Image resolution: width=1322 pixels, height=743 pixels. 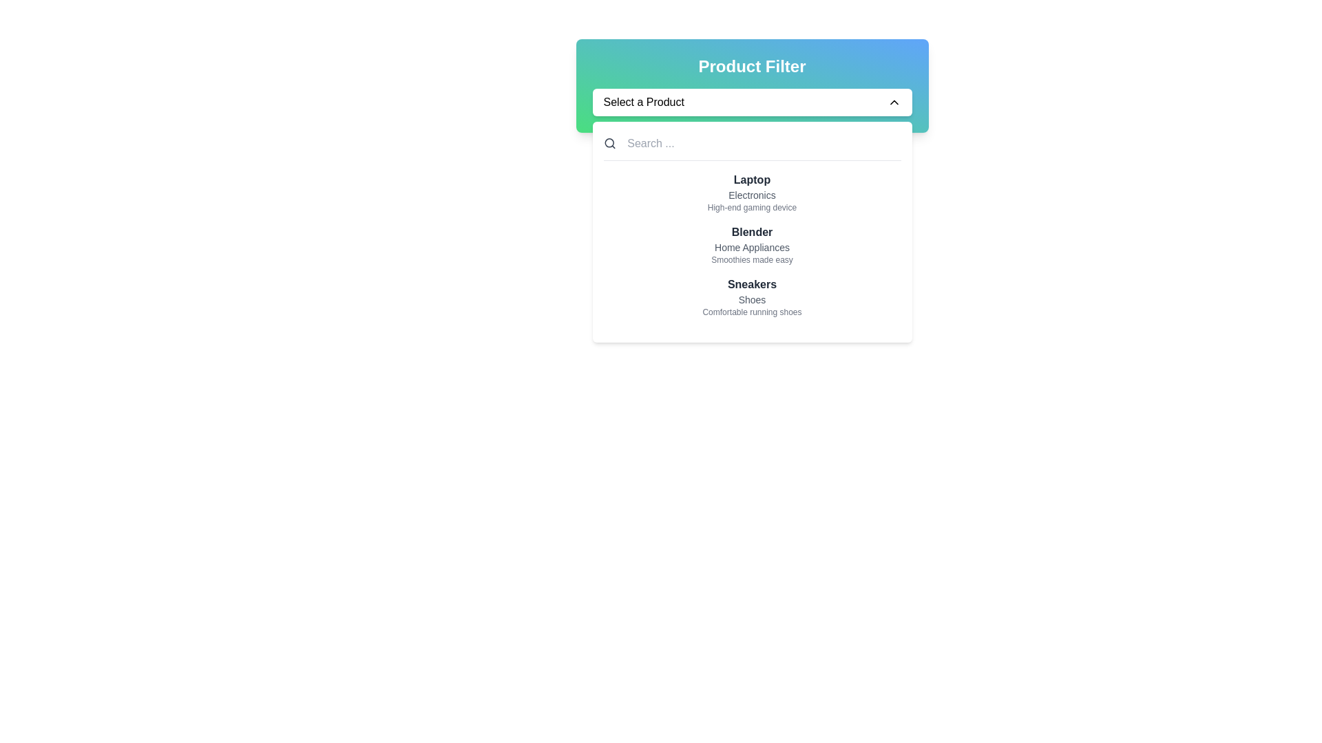 What do you see at coordinates (751, 297) in the screenshot?
I see `the third option in the product filter menu that represents 'Sneakers'` at bounding box center [751, 297].